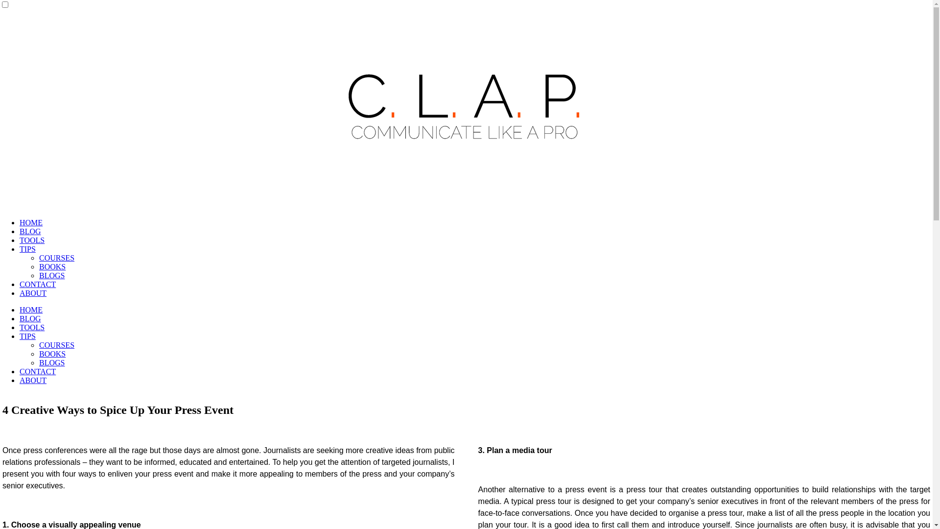 The height and width of the screenshot is (529, 940). What do you see at coordinates (32, 240) in the screenshot?
I see `'TOOLS'` at bounding box center [32, 240].